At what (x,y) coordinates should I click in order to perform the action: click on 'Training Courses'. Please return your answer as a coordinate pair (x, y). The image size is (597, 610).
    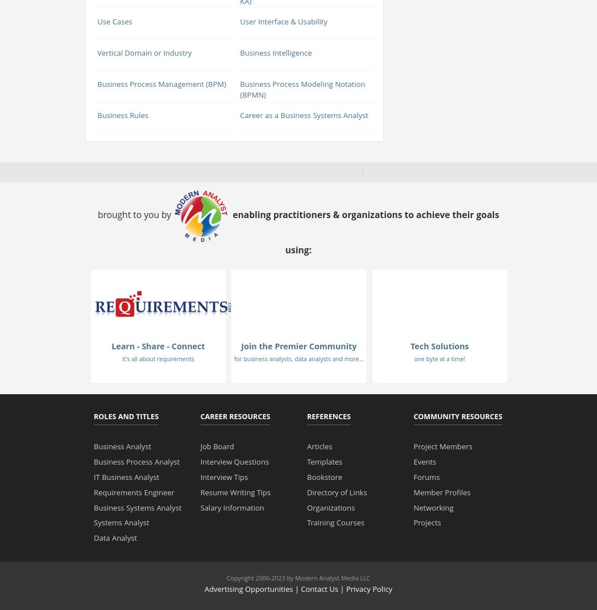
    Looking at the image, I should click on (334, 522).